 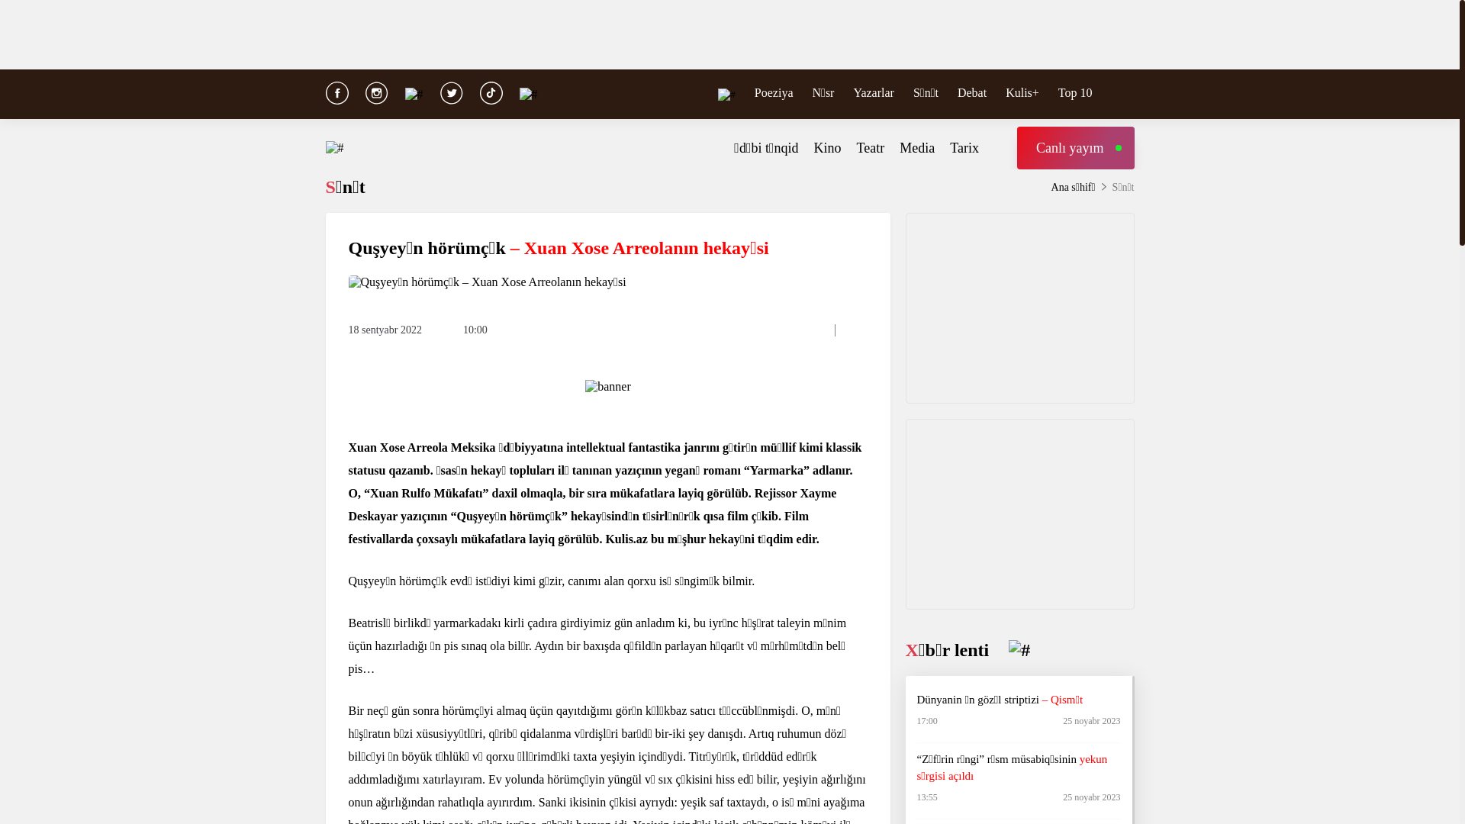 I want to click on 'Tarix', so click(x=963, y=148).